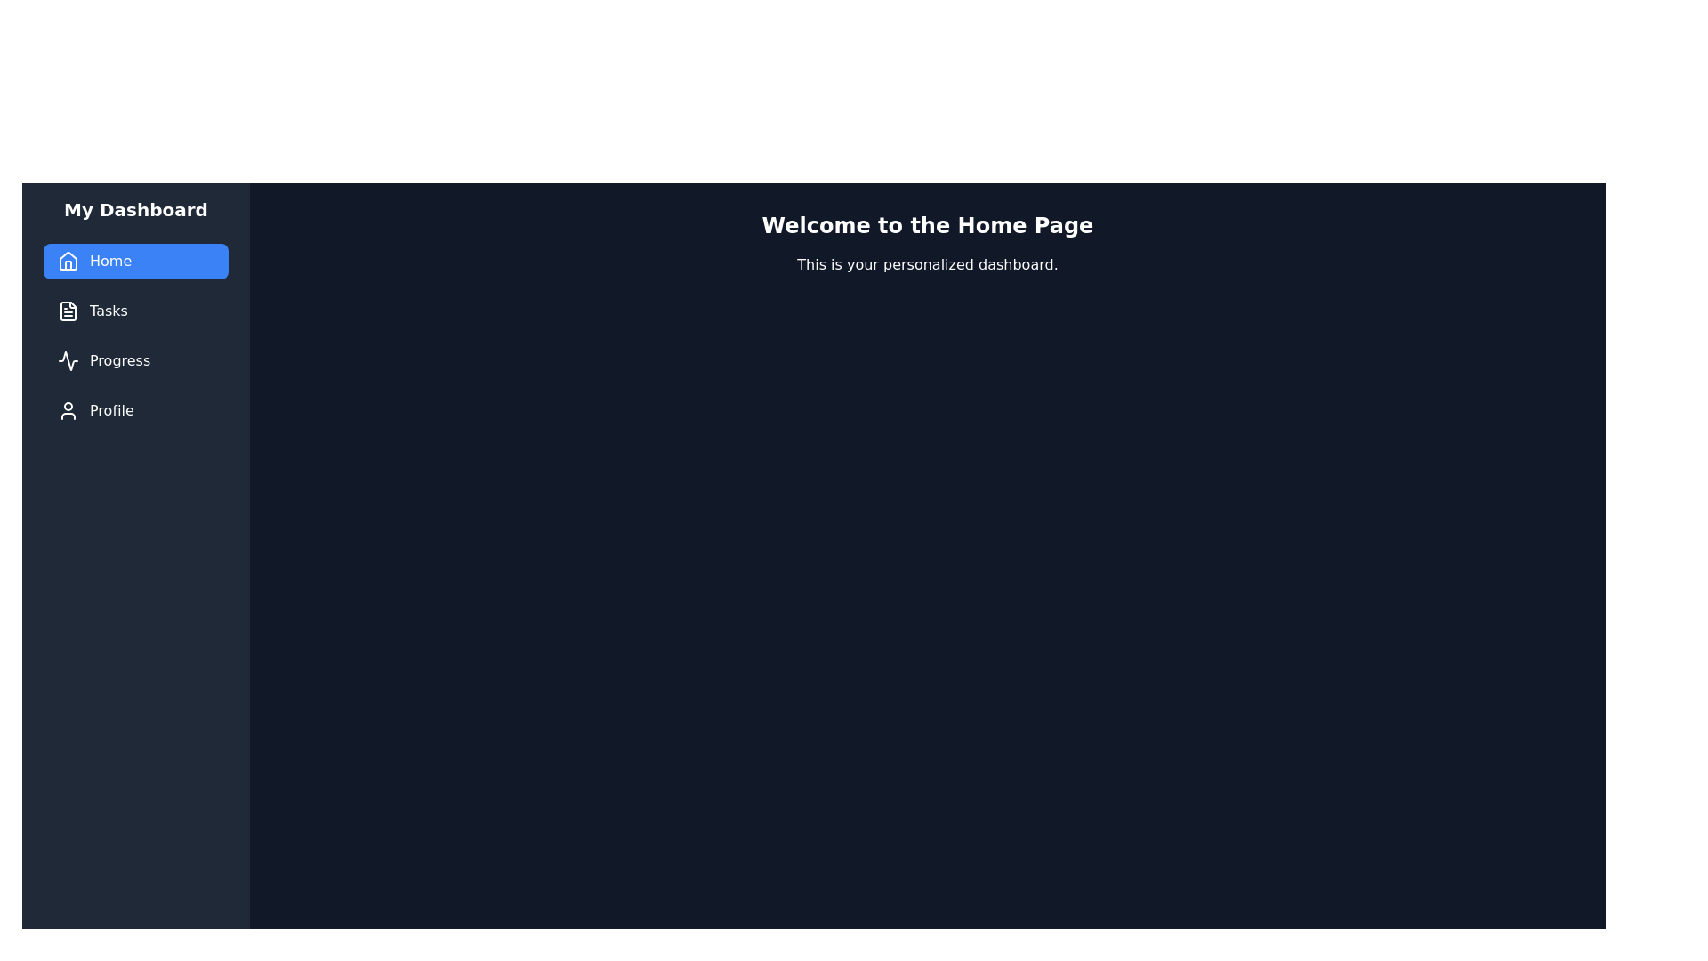  Describe the element at coordinates (68, 360) in the screenshot. I see `the progress tracking icon located in the sidebar menu under the 'Progress' label, which is positioned to the left of the text 'Progress'` at that location.